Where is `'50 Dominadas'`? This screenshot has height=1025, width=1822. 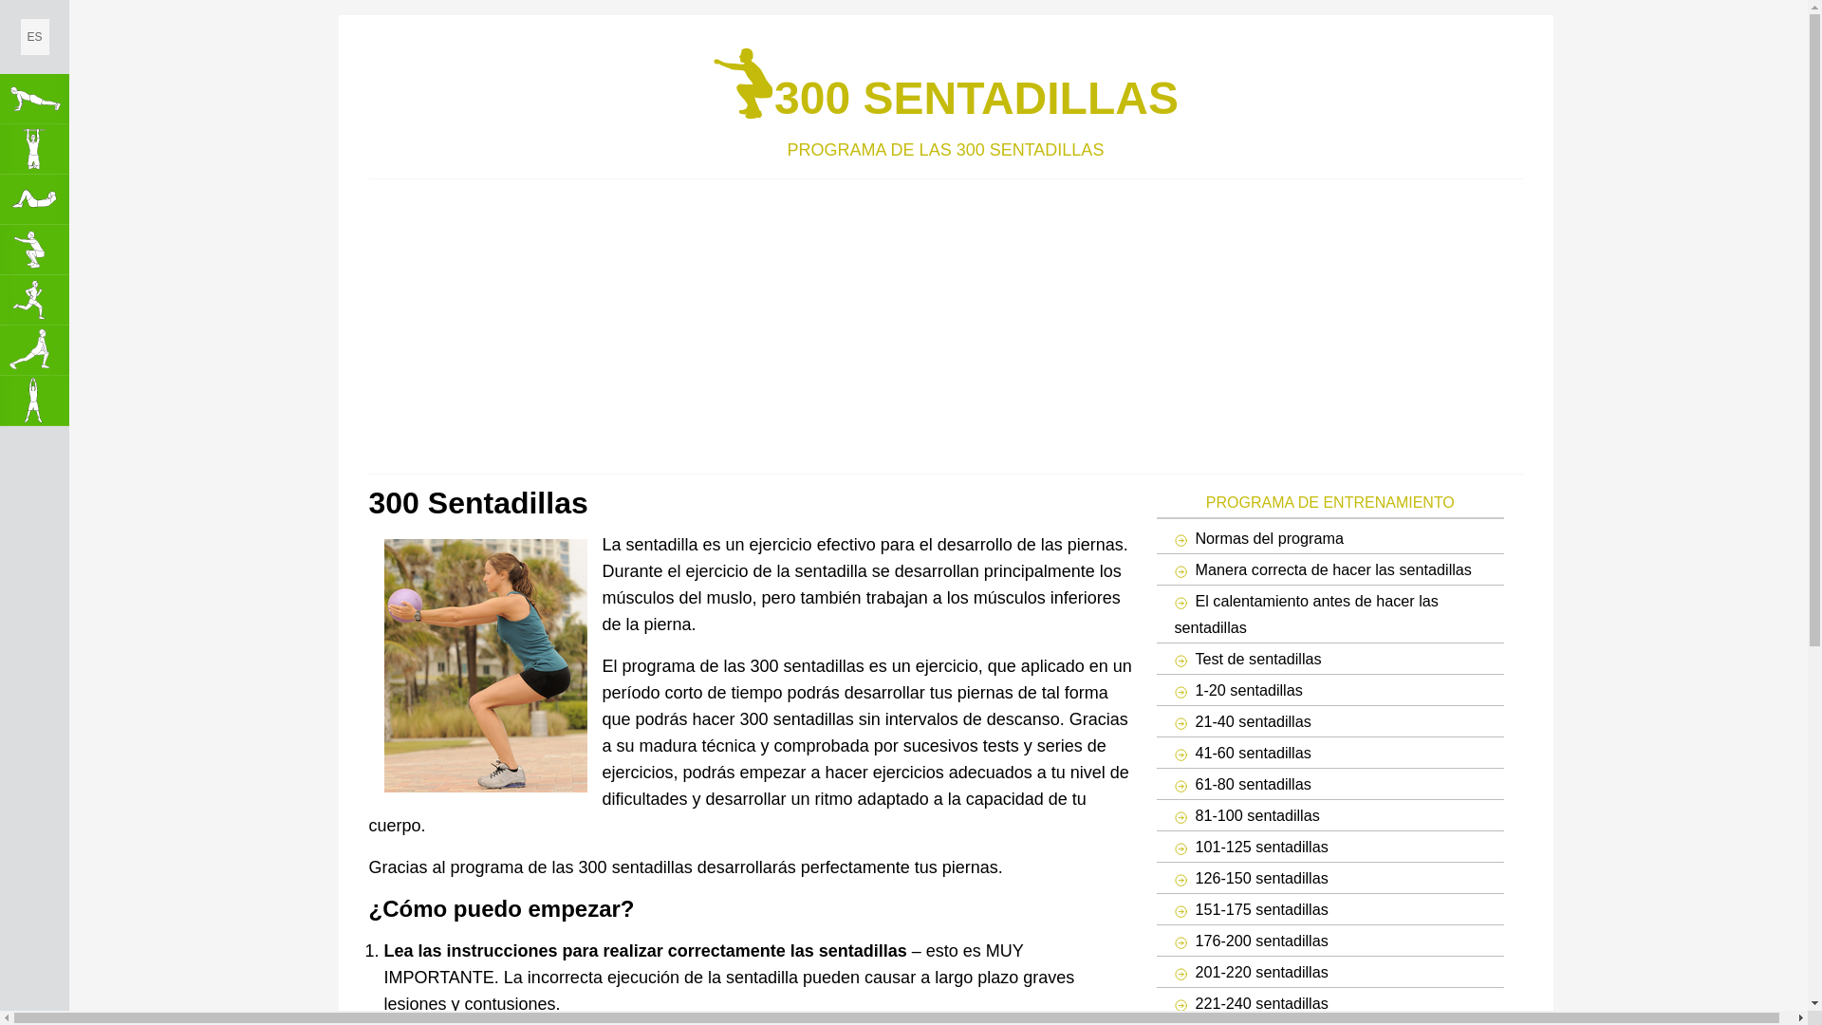 '50 Dominadas' is located at coordinates (0, 148).